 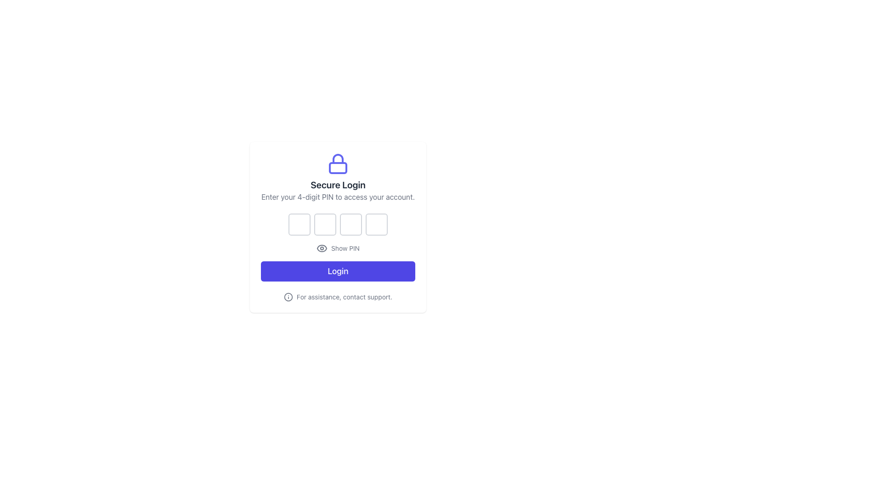 I want to click on the upper section of the padlock icon representing the shackle in the secure login interface, so click(x=337, y=158).